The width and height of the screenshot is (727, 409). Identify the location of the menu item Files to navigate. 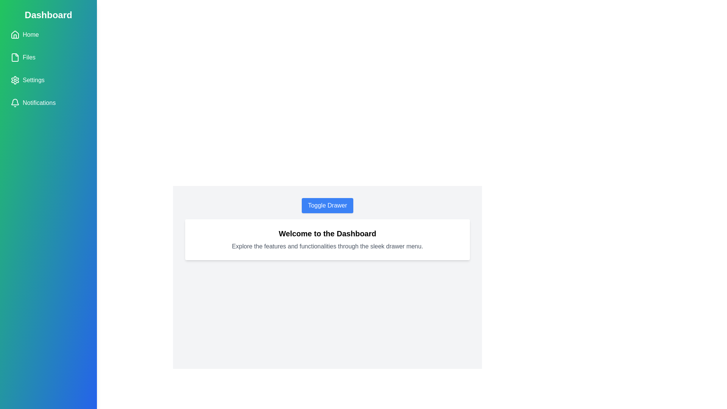
(48, 57).